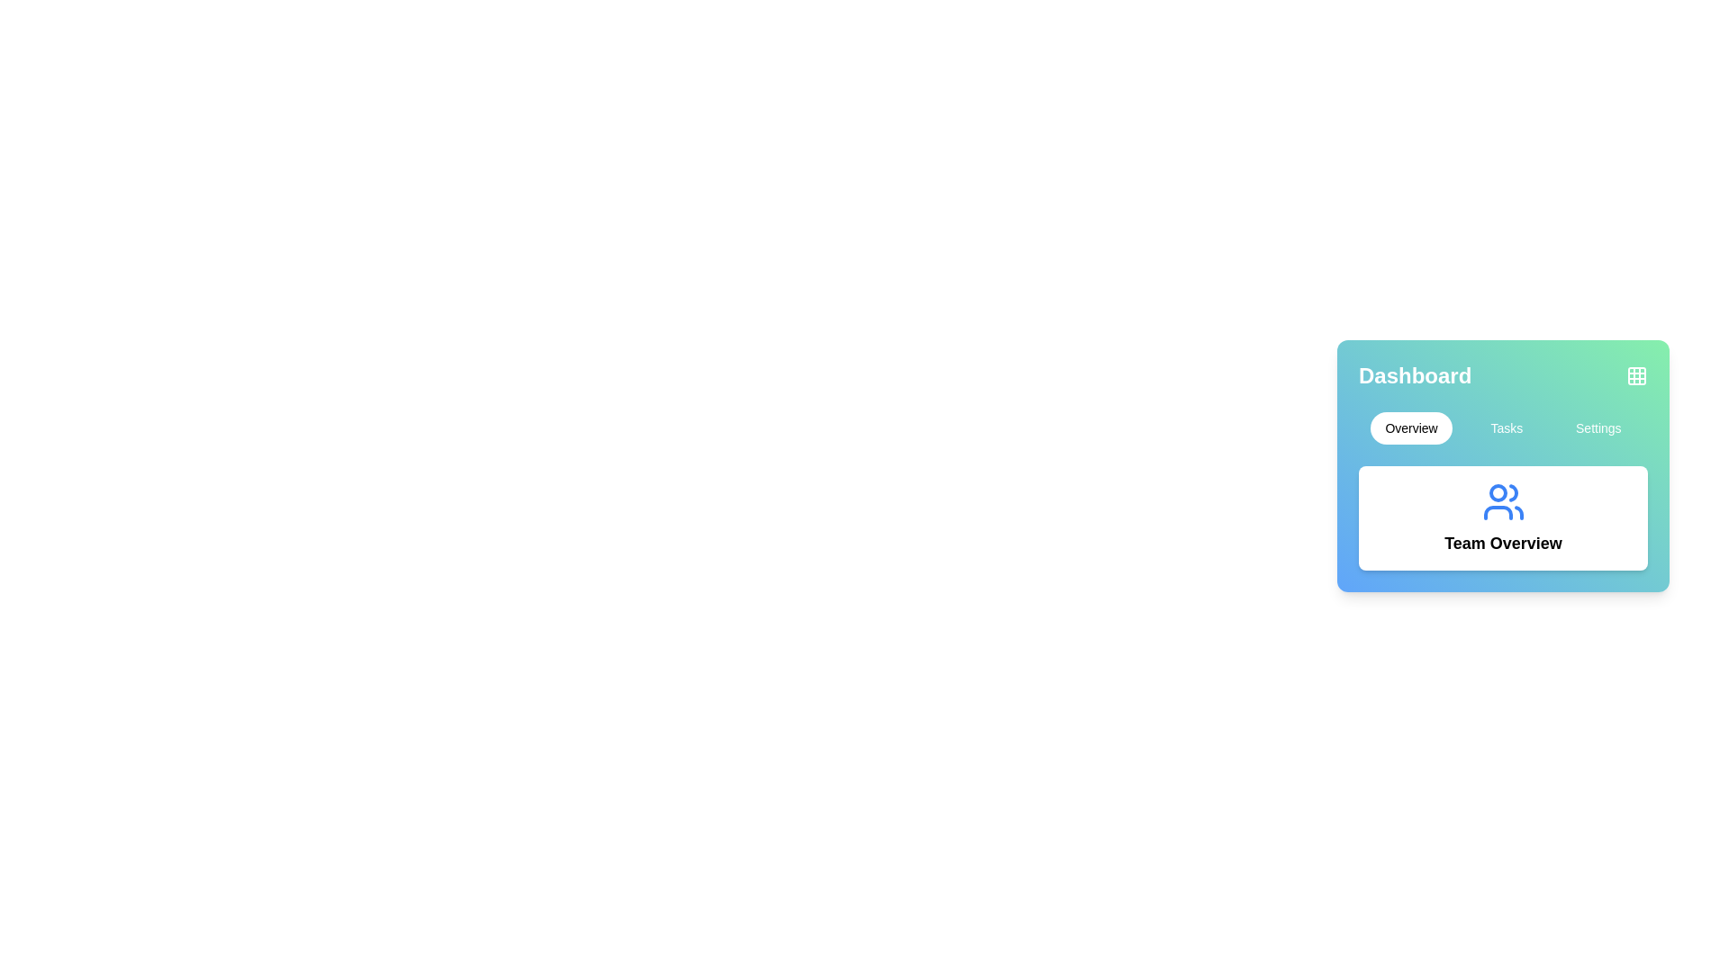  I want to click on the top-right grid tile within the grid layout, which is part of an interactive icon composed of nine small square tiles, so click(1637, 374).